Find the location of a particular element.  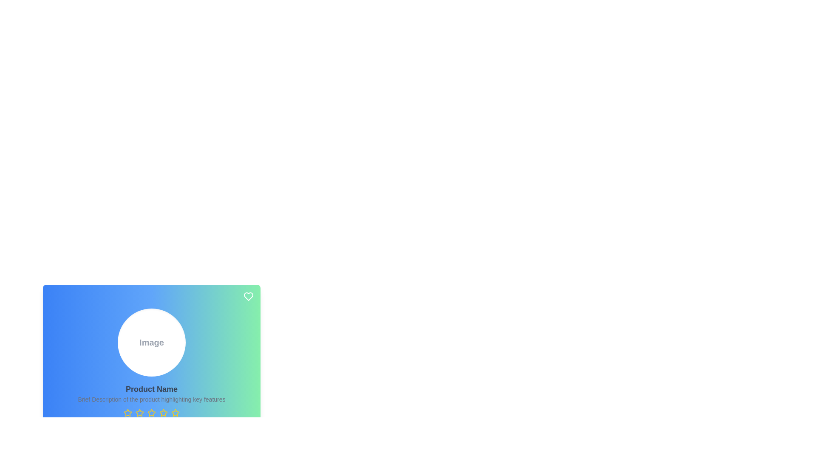

the heart-shaped icon located near the top-right corner of the gradient-colored section is located at coordinates (248, 296).